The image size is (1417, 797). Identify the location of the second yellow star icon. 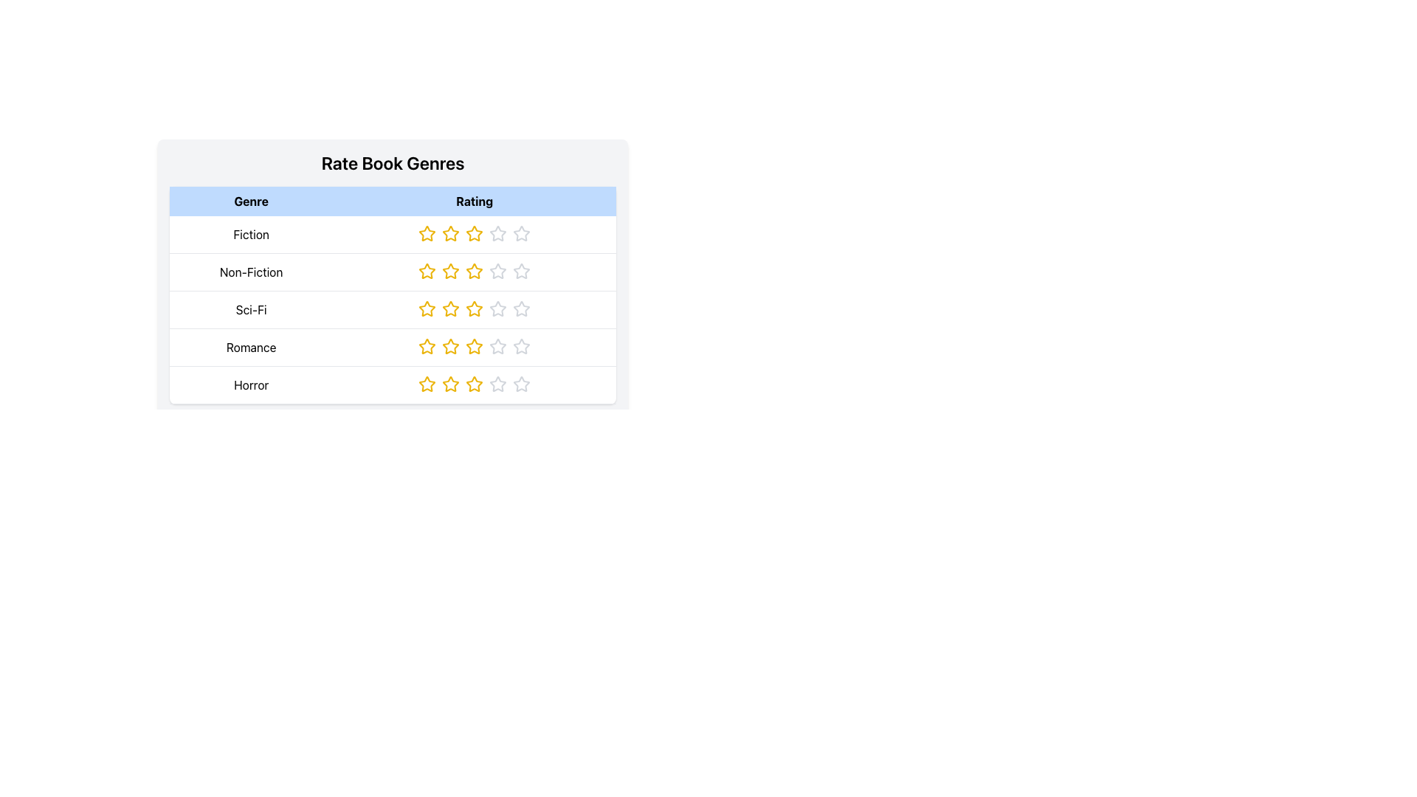
(450, 232).